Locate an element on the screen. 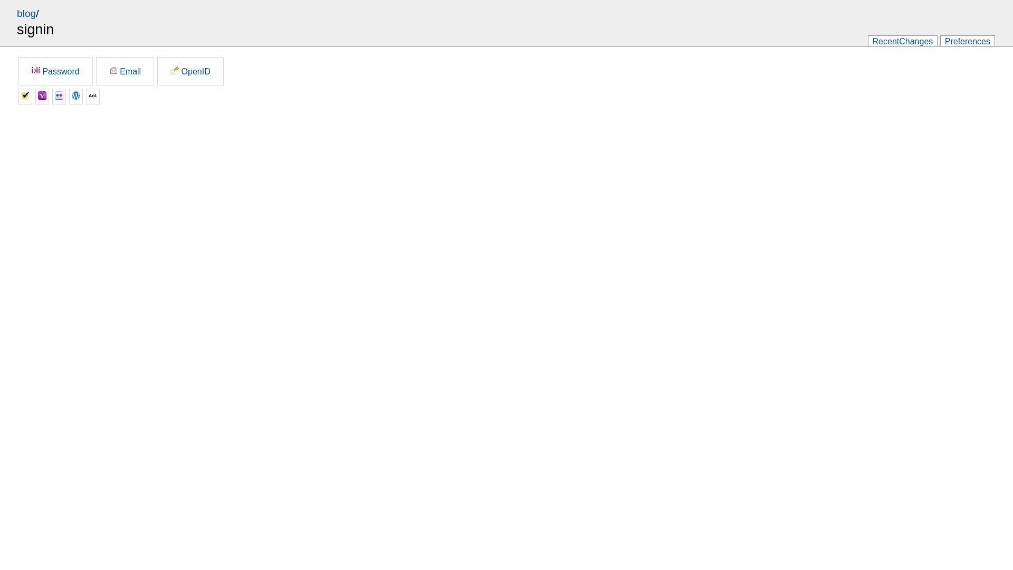  'blog' is located at coordinates (17, 13).